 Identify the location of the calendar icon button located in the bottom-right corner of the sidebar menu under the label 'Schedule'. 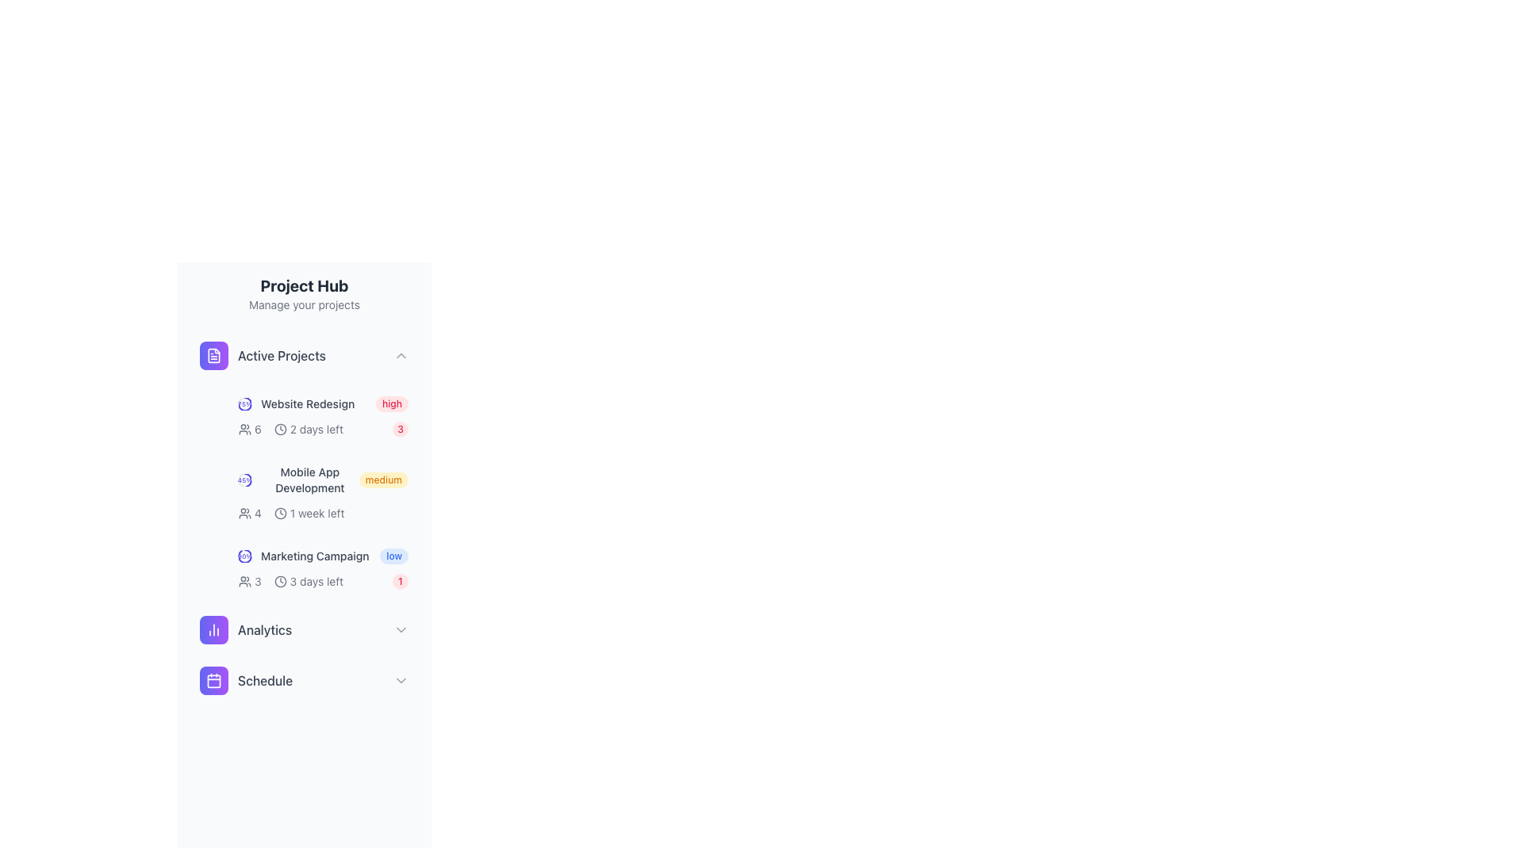
(213, 680).